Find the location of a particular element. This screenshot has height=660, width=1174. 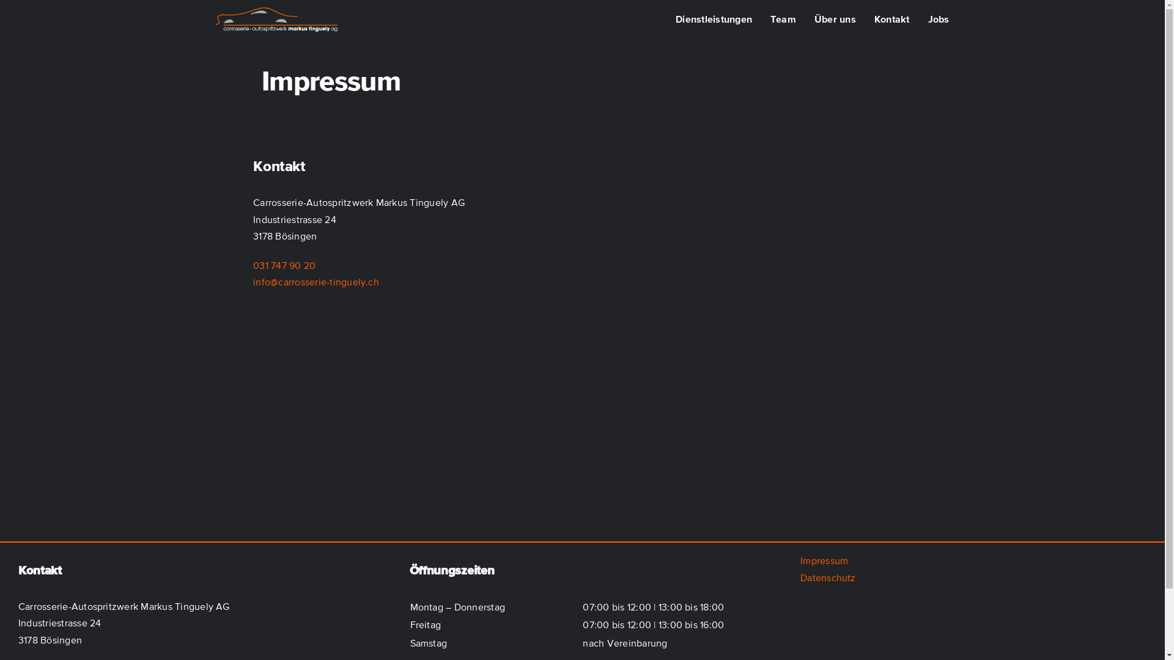

'Team' is located at coordinates (769, 19).